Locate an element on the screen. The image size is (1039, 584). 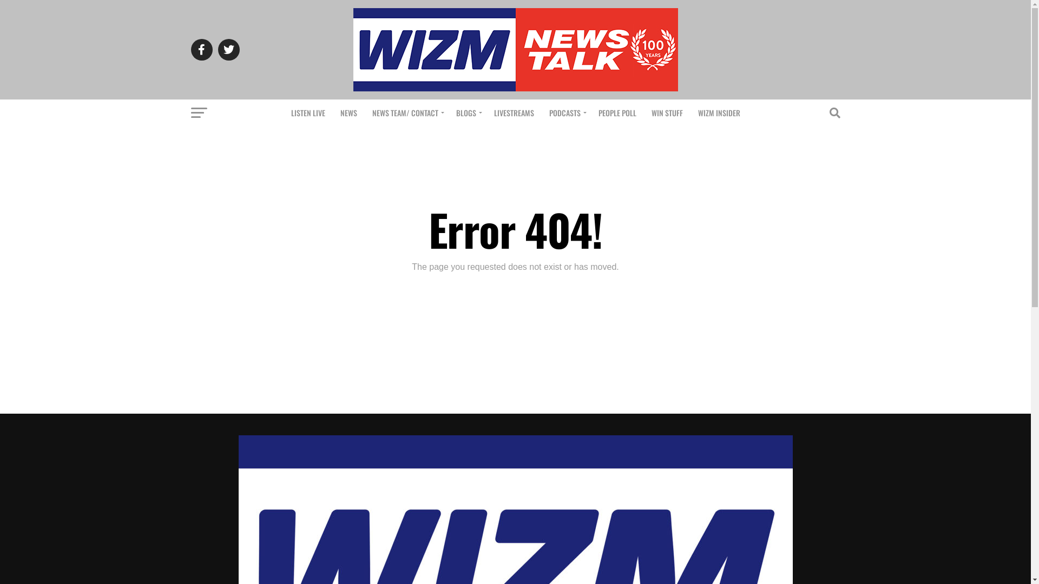
'WIZM INSIDER' is located at coordinates (719, 112).